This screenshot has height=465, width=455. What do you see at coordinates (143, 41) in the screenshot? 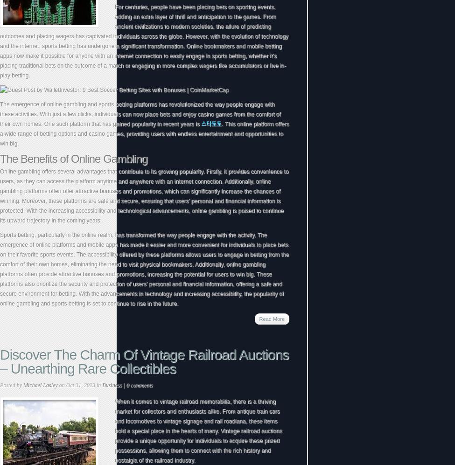
I see `'For centuries, people have been placing bets on sporting events, adding an extra layer of thrill and anticipation to the games. From ancient civilizations to modern societies, the allure of predicting outcomes and placing wagers has captivated individuals across the globe. However, with the evolution of technology and the internet, sports betting has undergone a significant transformation. Online bookmakers and mobile betting apps now make it possible for anyone with an internet connection to easily engage in sports betting, whether it’s placing traditional bets on the outcome of a match or engaging in more complex wagers like accumulators or live in-play betting.'` at bounding box center [143, 41].